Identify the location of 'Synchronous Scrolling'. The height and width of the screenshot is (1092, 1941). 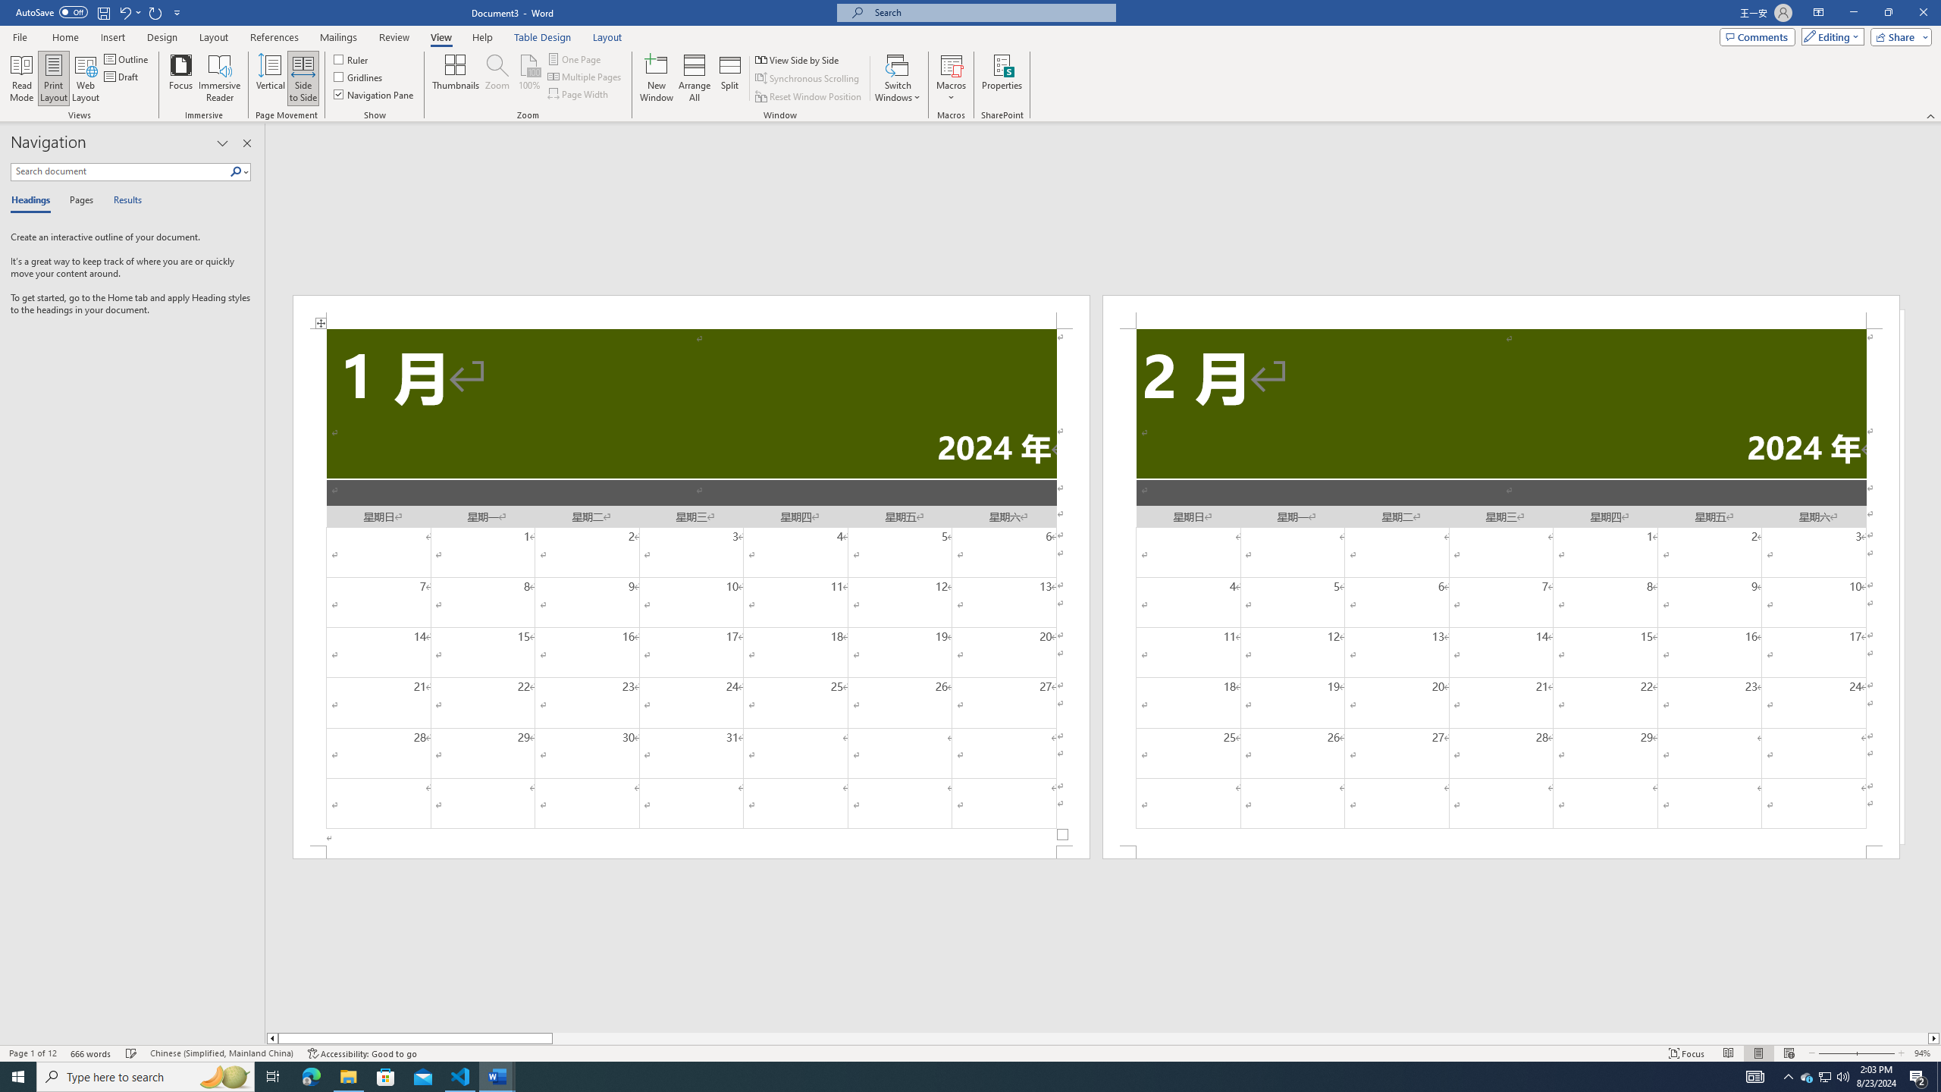
(807, 78).